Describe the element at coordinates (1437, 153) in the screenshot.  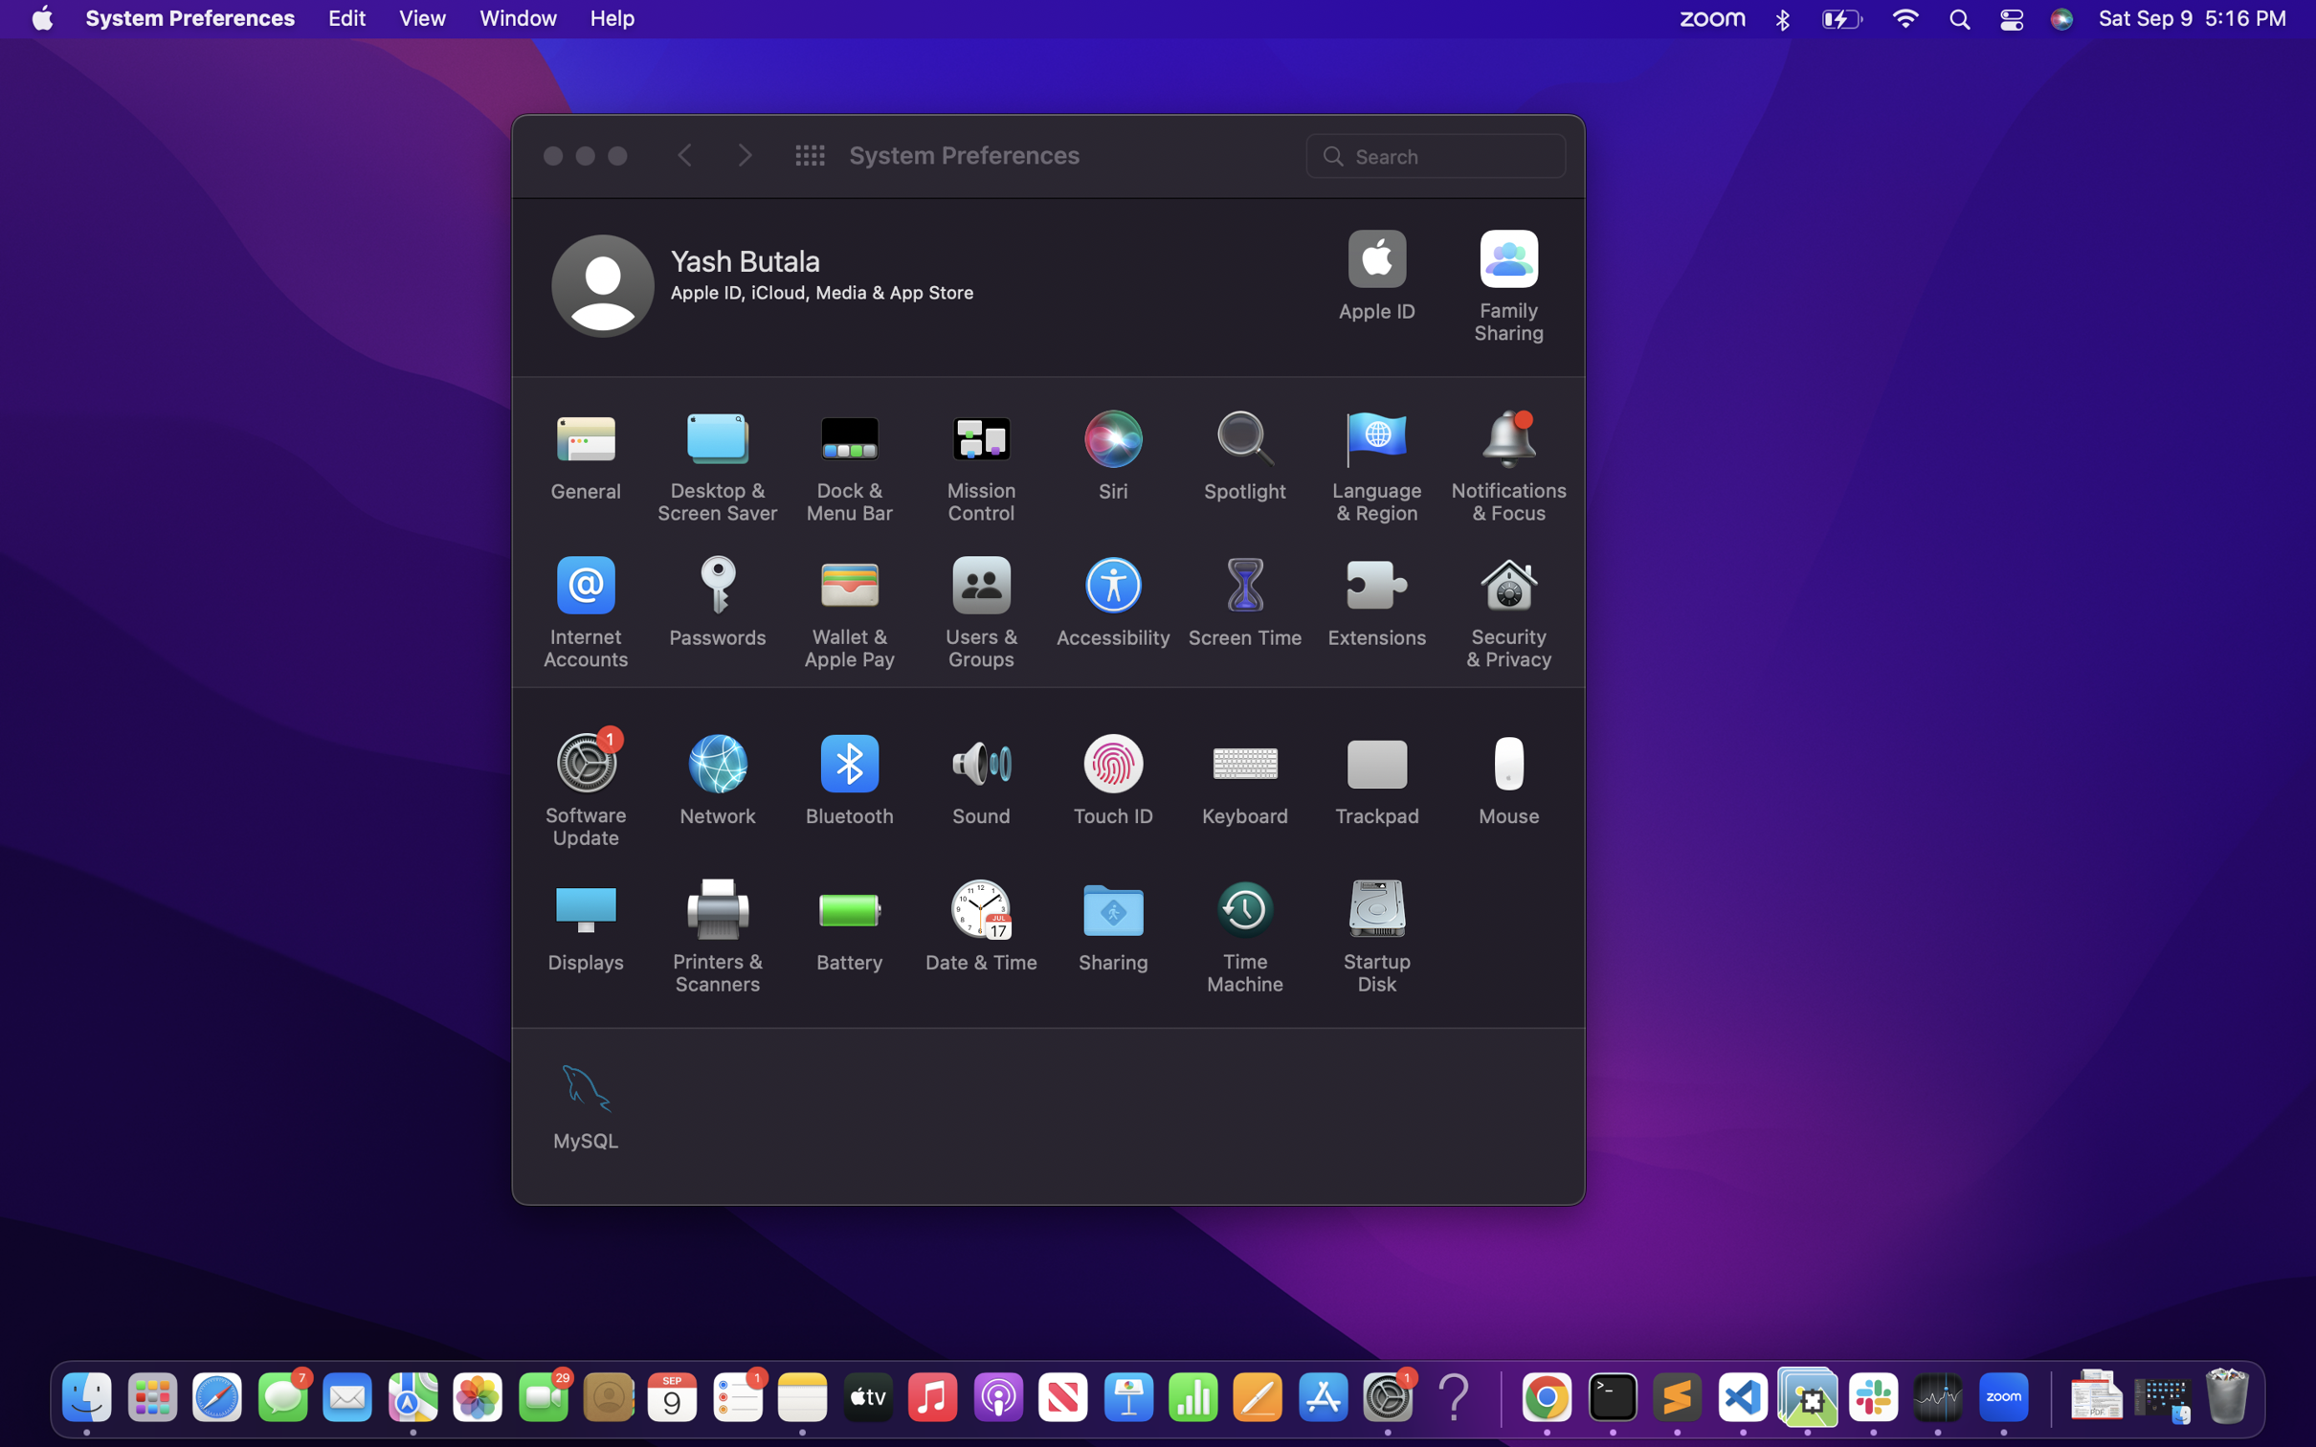
I see `the brightness setting through the search bar` at that location.